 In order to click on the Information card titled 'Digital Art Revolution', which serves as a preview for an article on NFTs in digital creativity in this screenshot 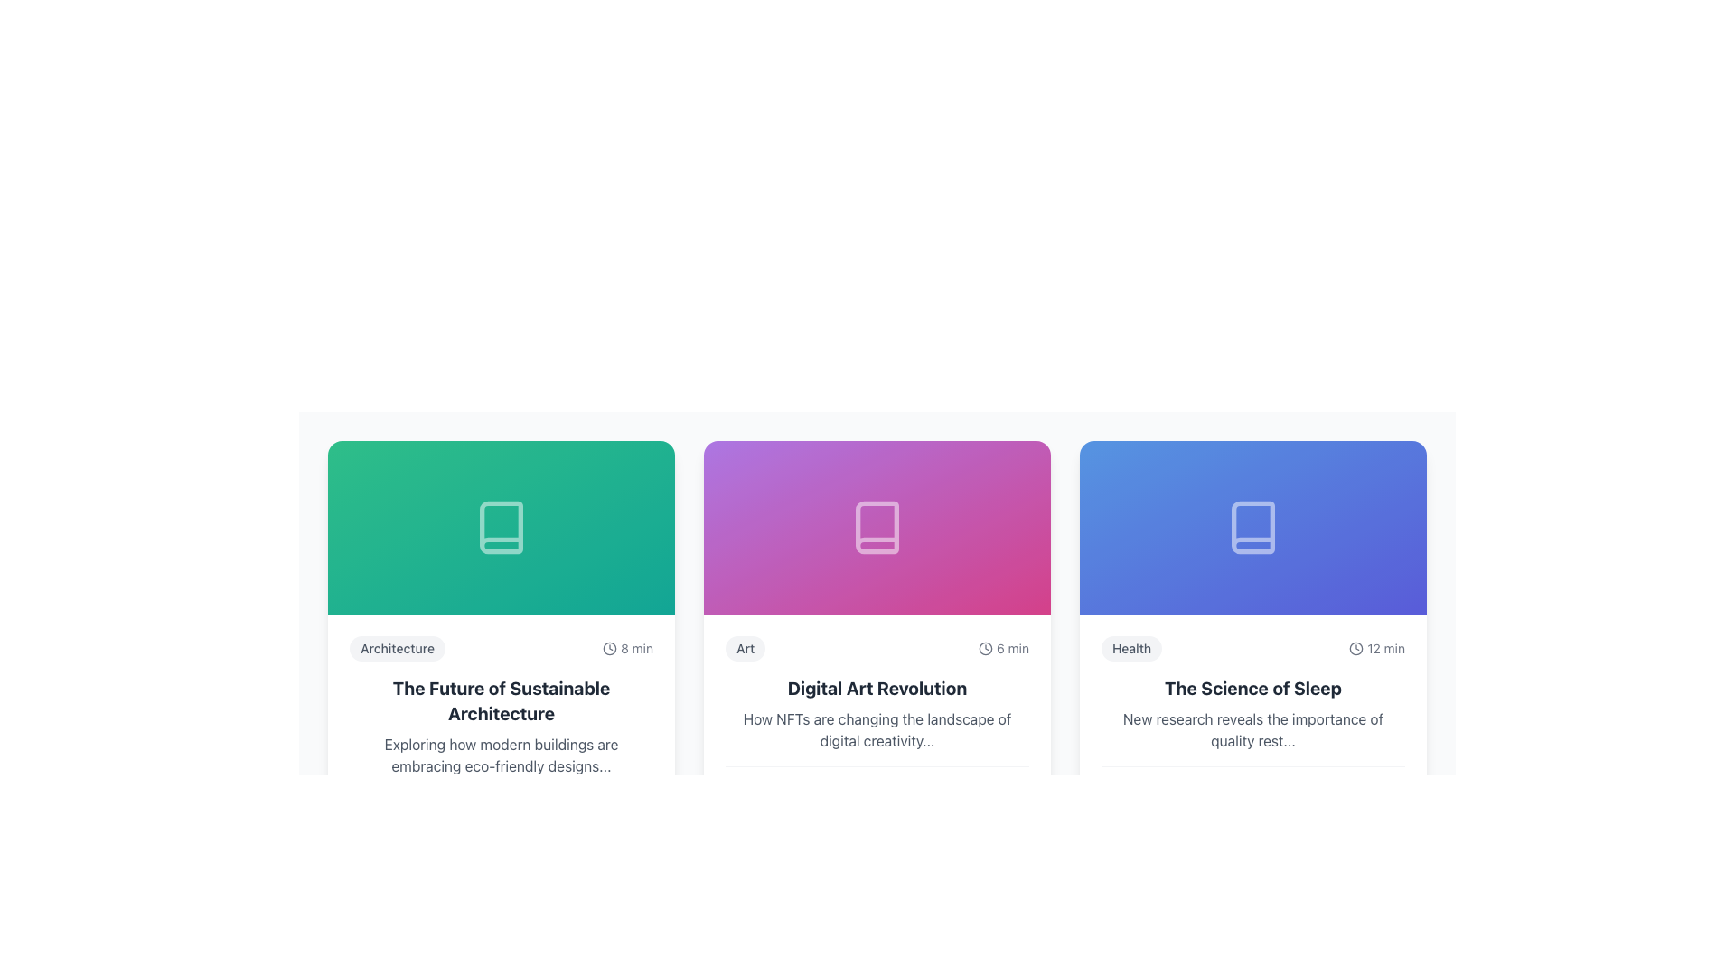, I will do `click(877, 651)`.